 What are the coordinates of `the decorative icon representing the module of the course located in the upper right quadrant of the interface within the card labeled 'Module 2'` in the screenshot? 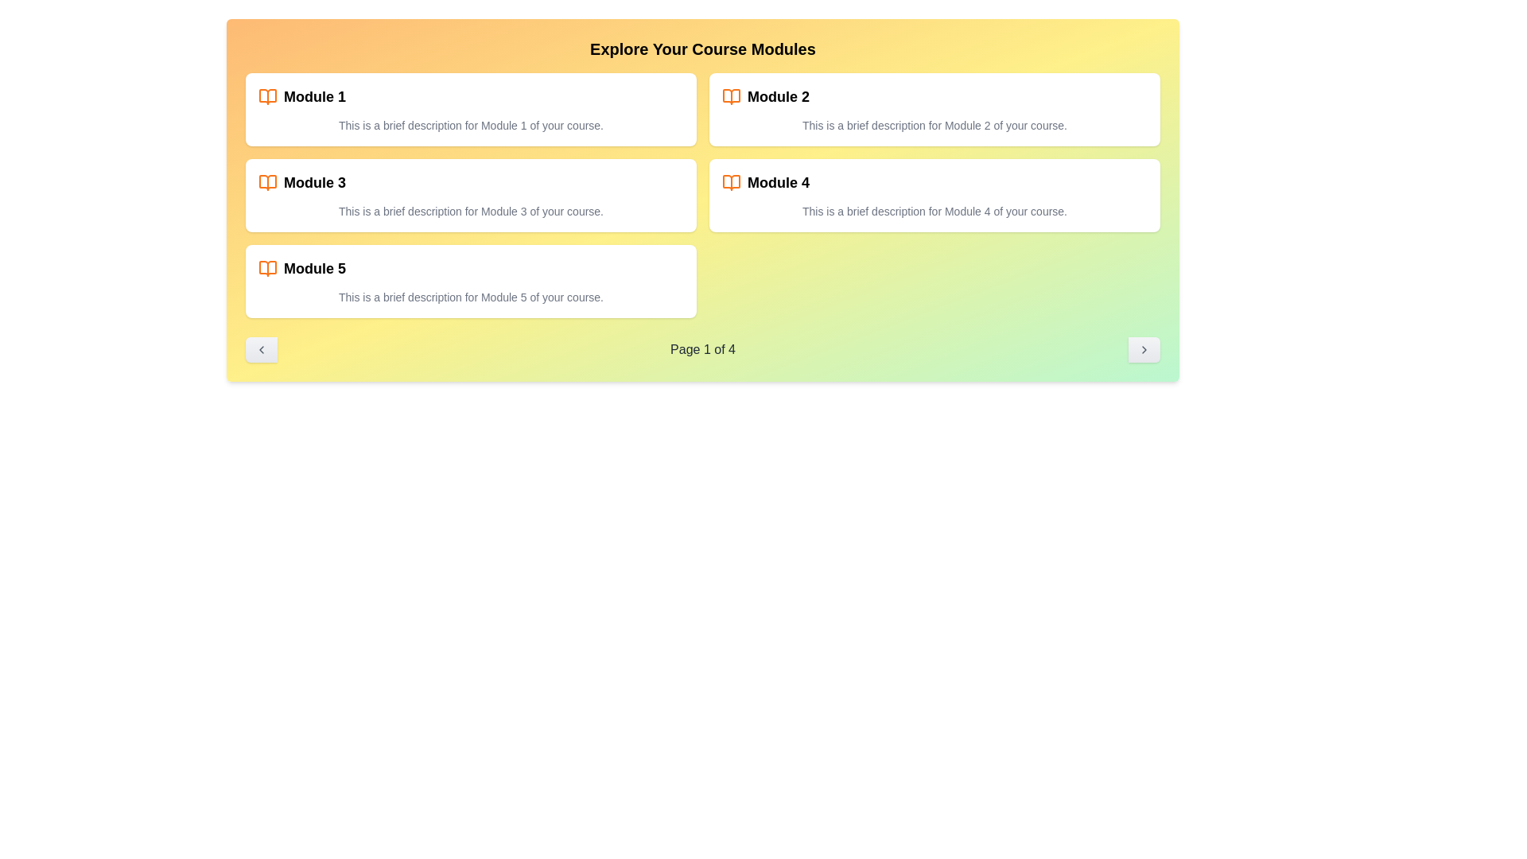 It's located at (731, 97).